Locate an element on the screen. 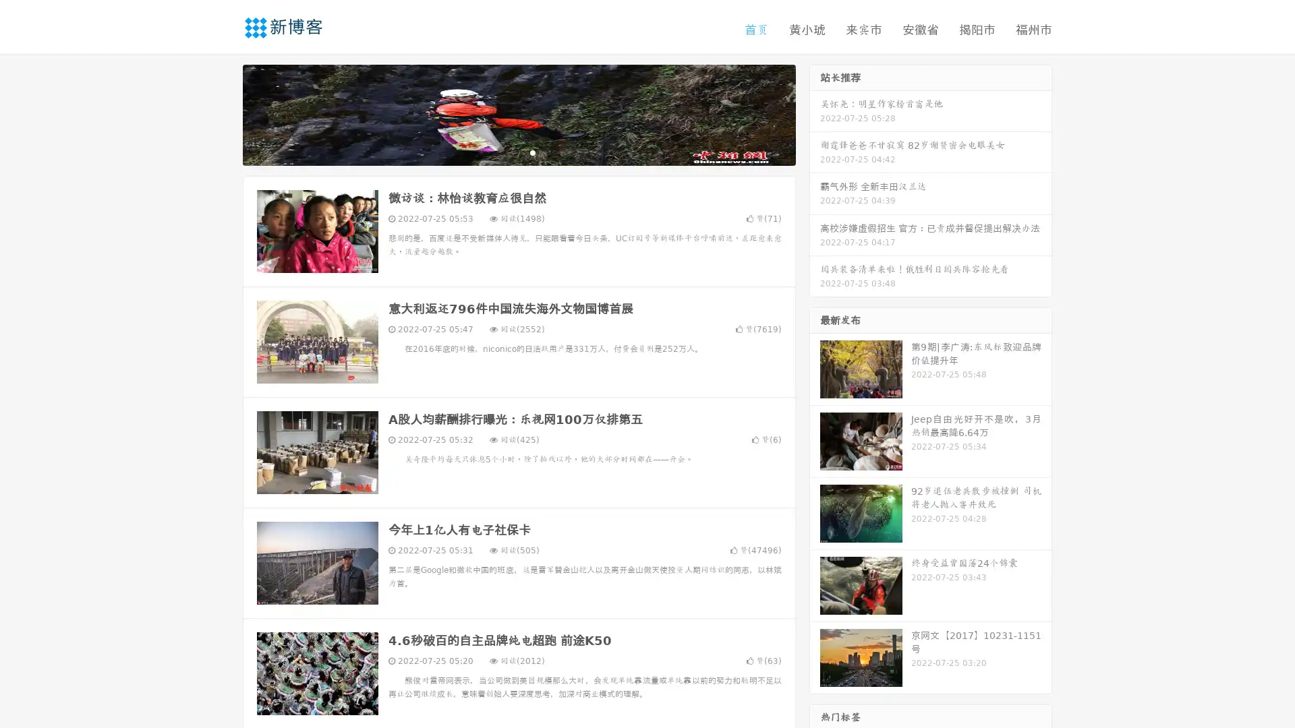 Image resolution: width=1295 pixels, height=728 pixels. Go to slide 3 is located at coordinates (532, 152).